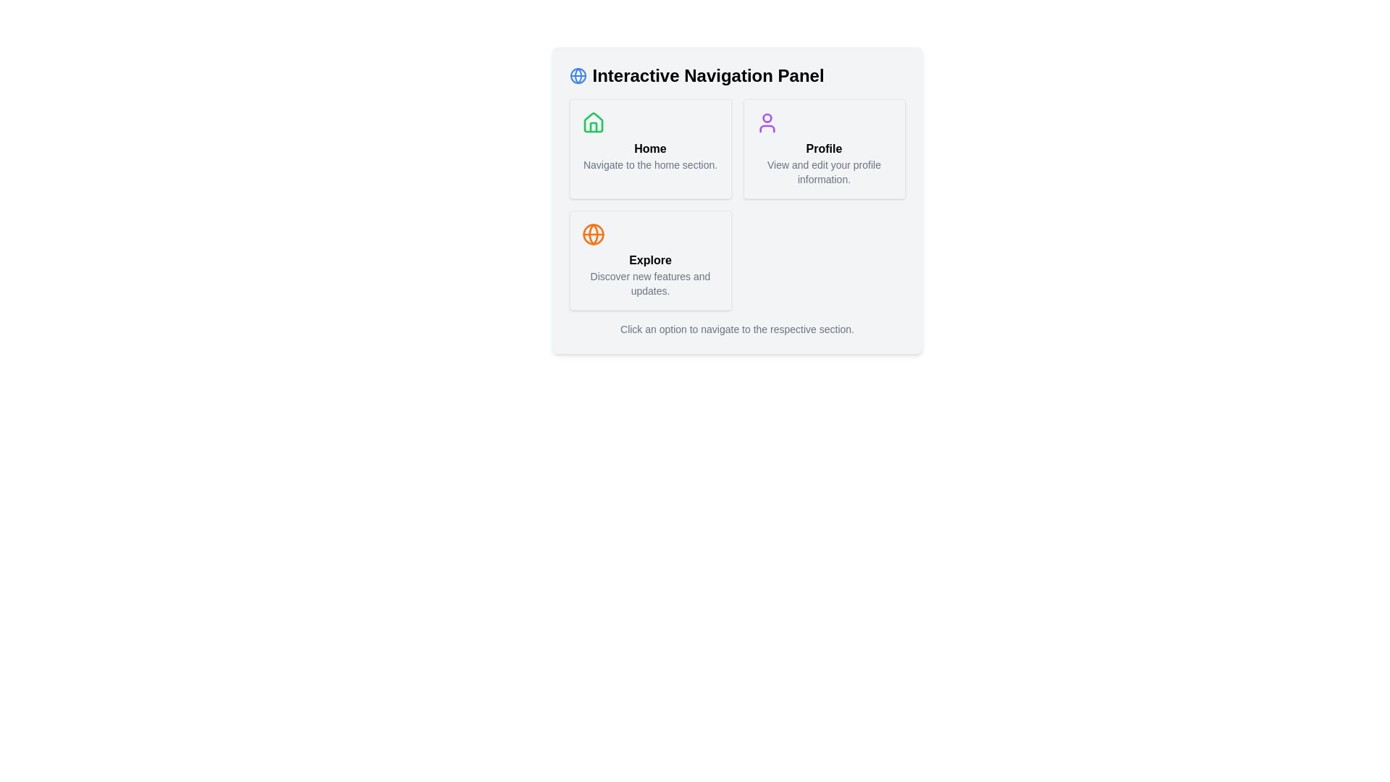  I want to click on the navigational card in the top left corner of the grid layout, so click(649, 148).